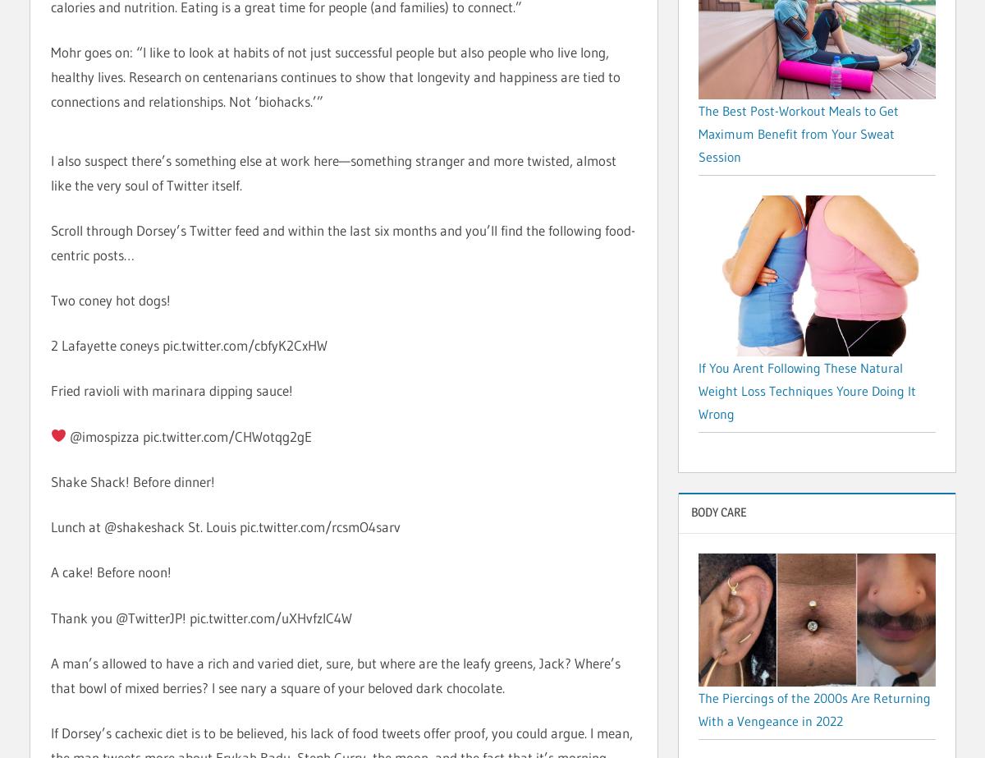 This screenshot has height=758, width=985. What do you see at coordinates (342, 241) in the screenshot?
I see `'Scroll through Dorsey’s Twitter feed and within the last six months and you’ll find the following food-centric posts…'` at bounding box center [342, 241].